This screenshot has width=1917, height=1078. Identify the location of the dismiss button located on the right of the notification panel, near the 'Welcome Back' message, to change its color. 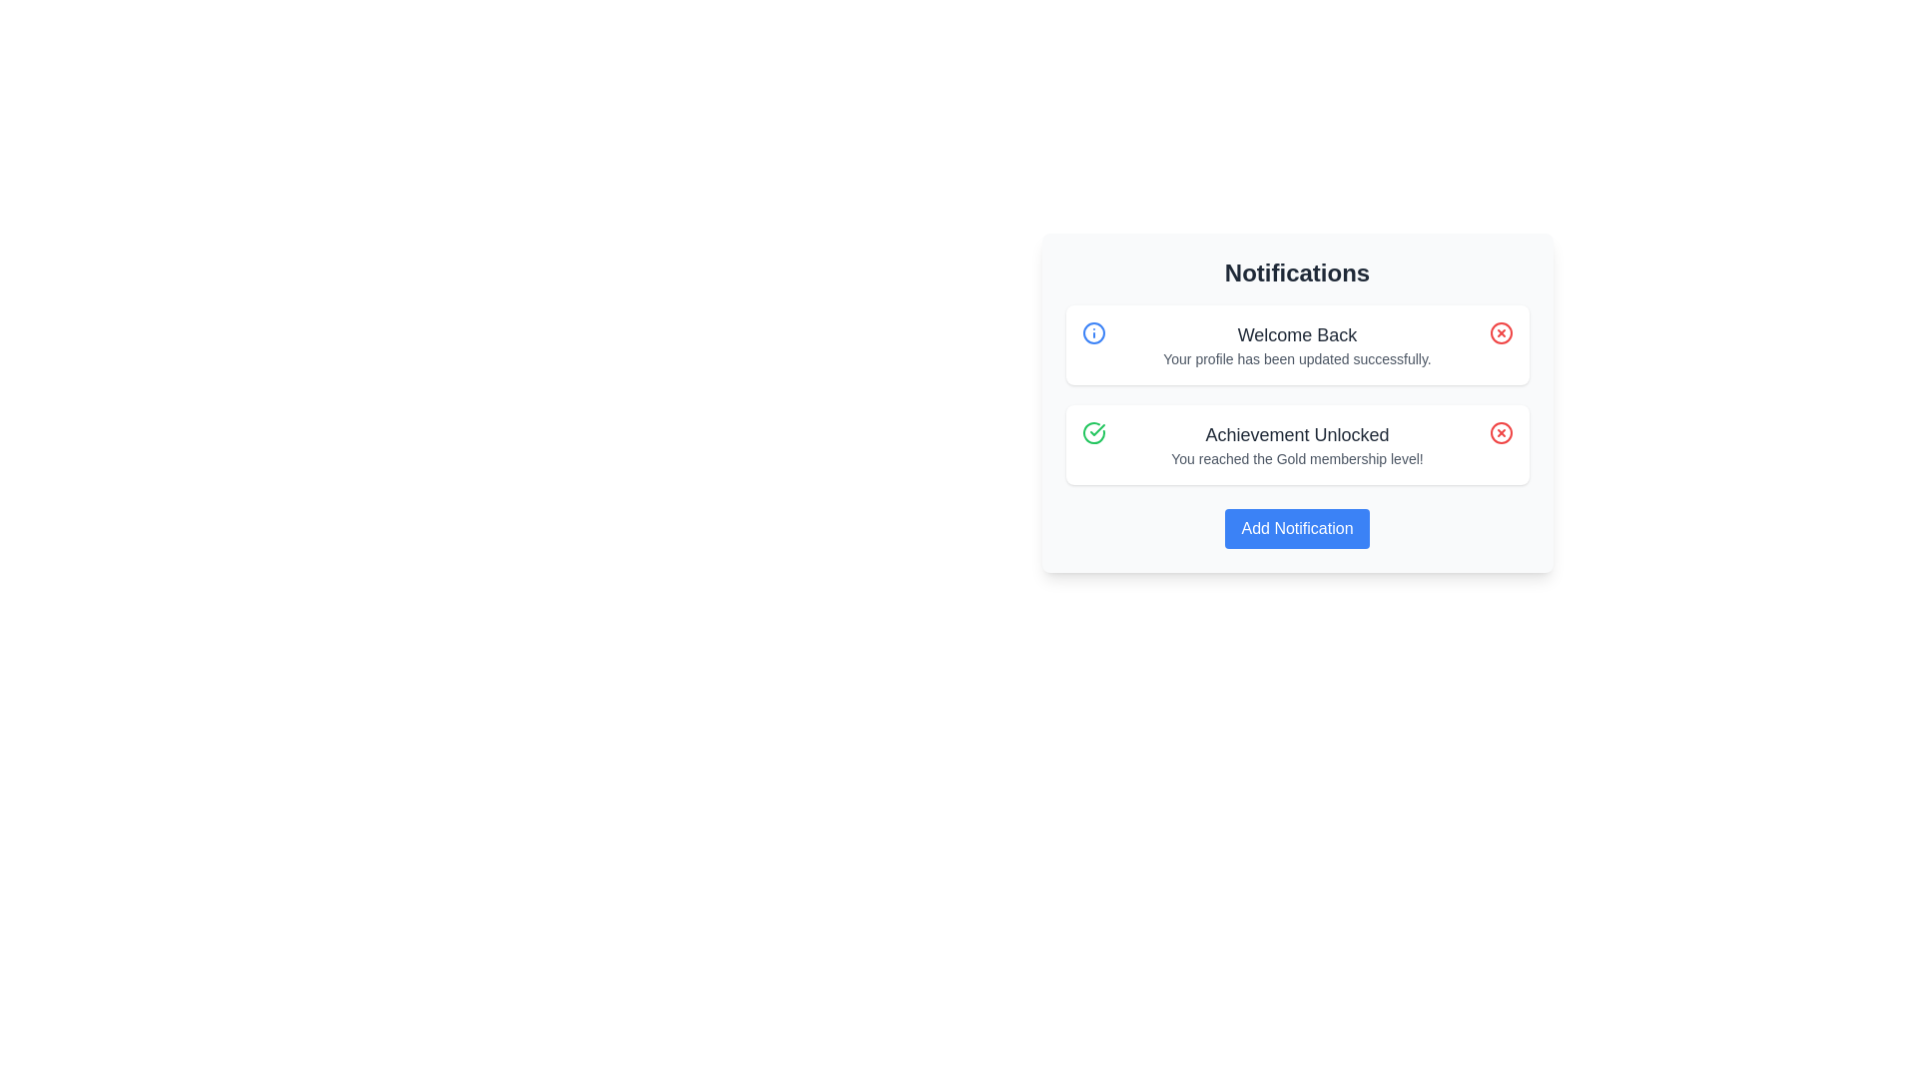
(1501, 332).